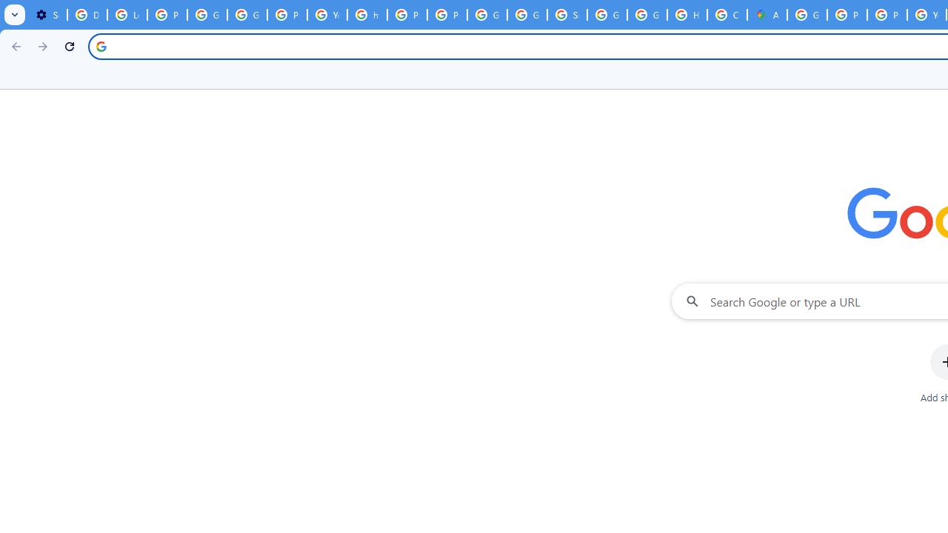 This screenshot has width=948, height=533. What do you see at coordinates (887, 15) in the screenshot?
I see `'Privacy Help Center - Policies Help'` at bounding box center [887, 15].